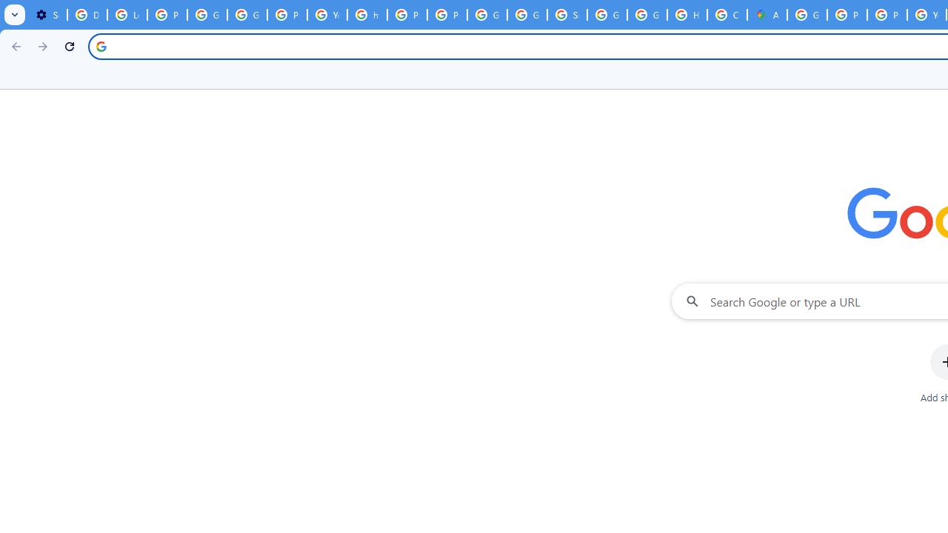 This screenshot has width=948, height=533. What do you see at coordinates (887, 15) in the screenshot?
I see `'Privacy Help Center - Policies Help'` at bounding box center [887, 15].